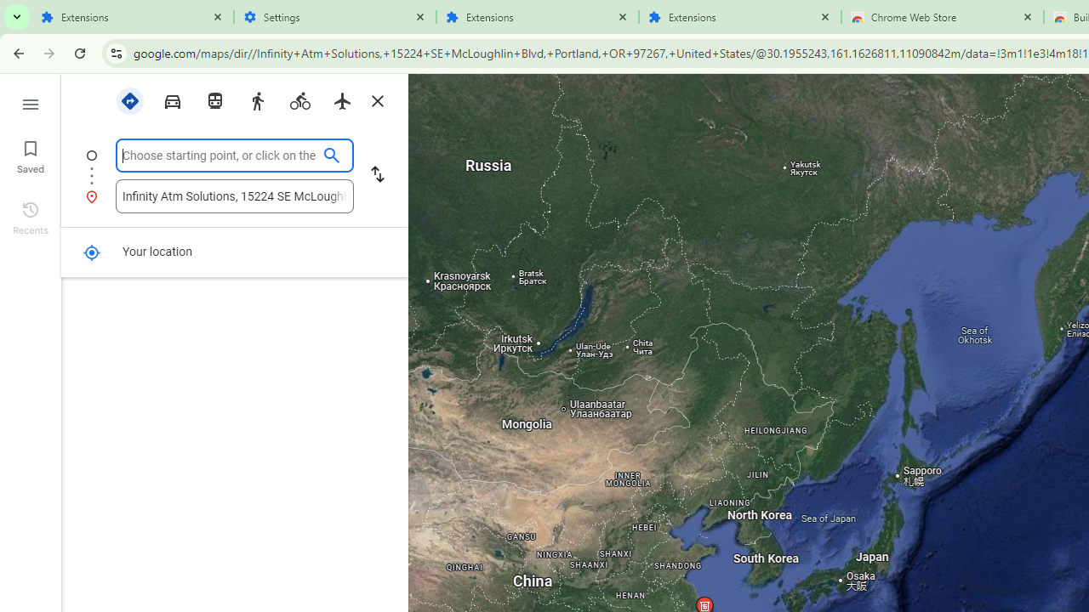 The image size is (1089, 612). What do you see at coordinates (376, 101) in the screenshot?
I see `'Close directions'` at bounding box center [376, 101].